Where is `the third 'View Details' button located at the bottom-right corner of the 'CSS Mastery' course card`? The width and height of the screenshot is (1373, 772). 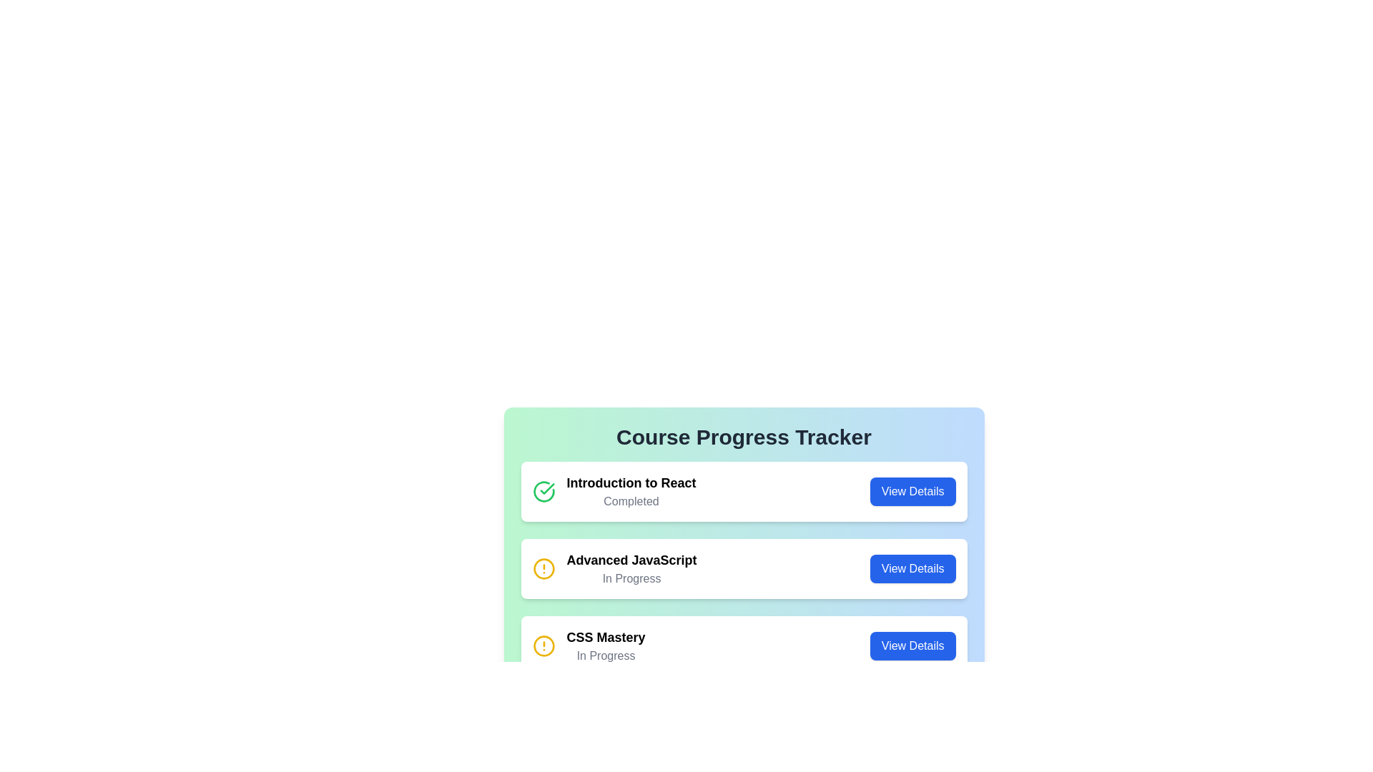 the third 'View Details' button located at the bottom-right corner of the 'CSS Mastery' course card is located at coordinates (912, 645).